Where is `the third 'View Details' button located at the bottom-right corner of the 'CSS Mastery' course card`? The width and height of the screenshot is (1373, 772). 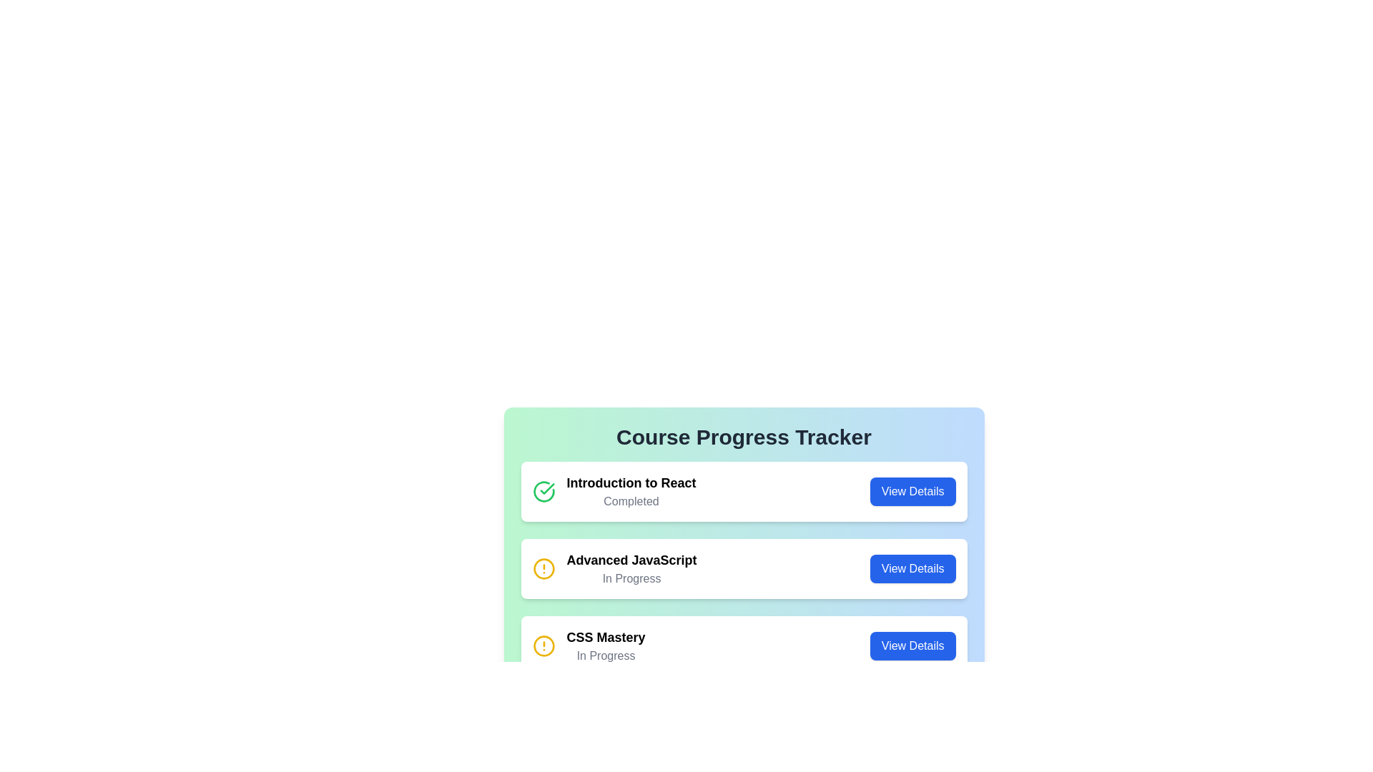 the third 'View Details' button located at the bottom-right corner of the 'CSS Mastery' course card is located at coordinates (912, 645).